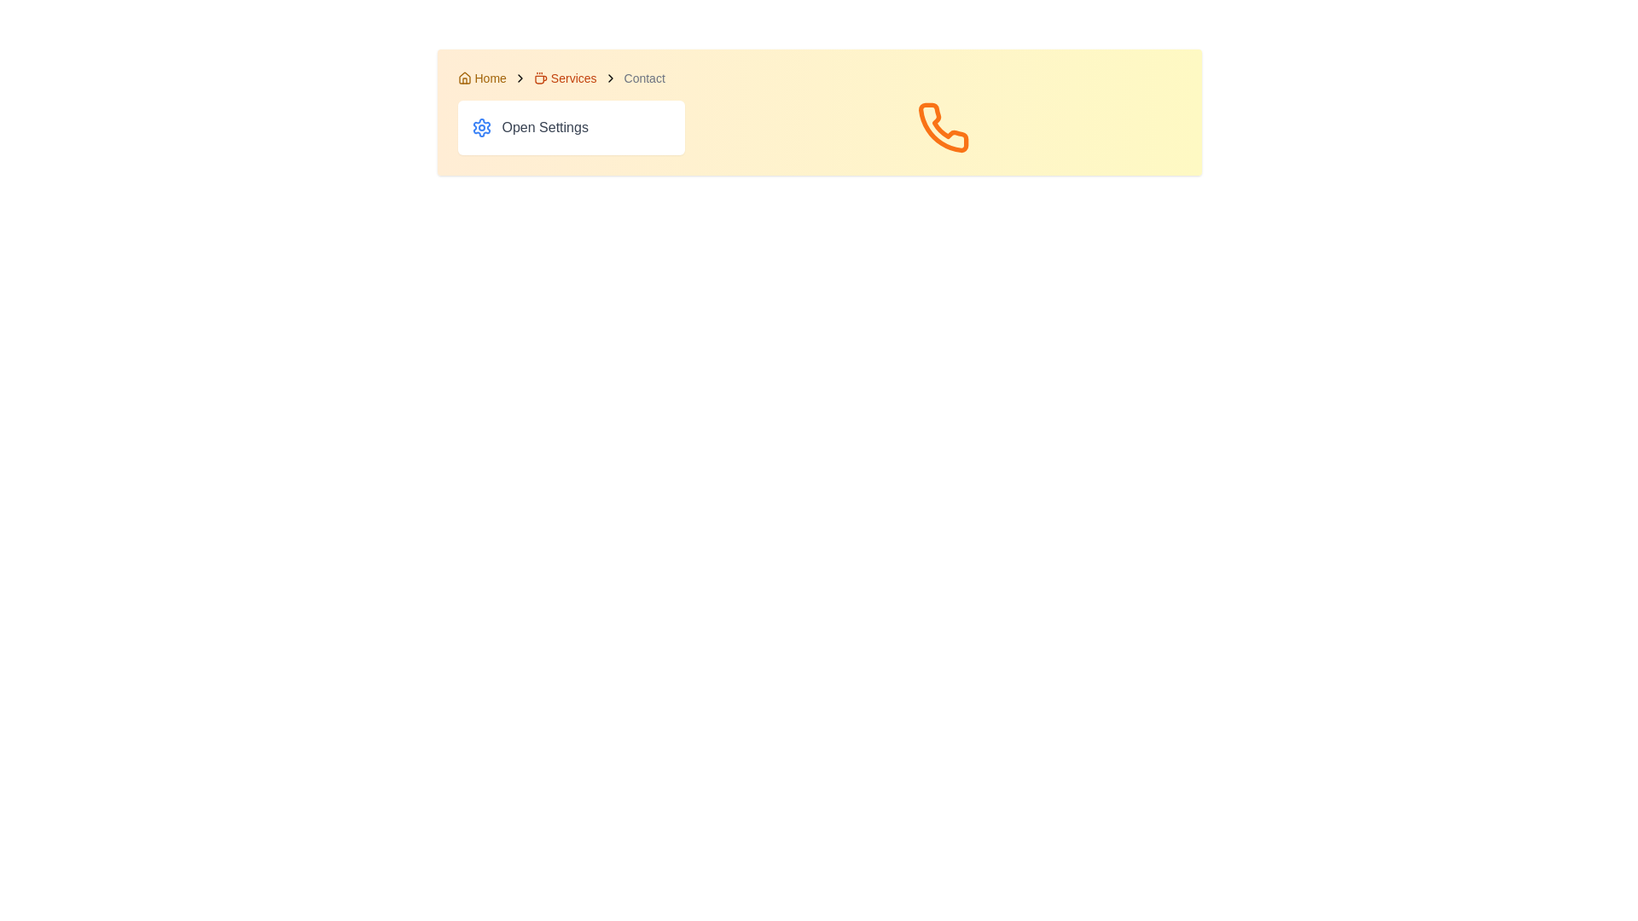 The height and width of the screenshot is (921, 1638). What do you see at coordinates (610, 78) in the screenshot?
I see `the third chevron icon in the breadcrumb navigation bar, located between 'Services' and 'Contact'` at bounding box center [610, 78].